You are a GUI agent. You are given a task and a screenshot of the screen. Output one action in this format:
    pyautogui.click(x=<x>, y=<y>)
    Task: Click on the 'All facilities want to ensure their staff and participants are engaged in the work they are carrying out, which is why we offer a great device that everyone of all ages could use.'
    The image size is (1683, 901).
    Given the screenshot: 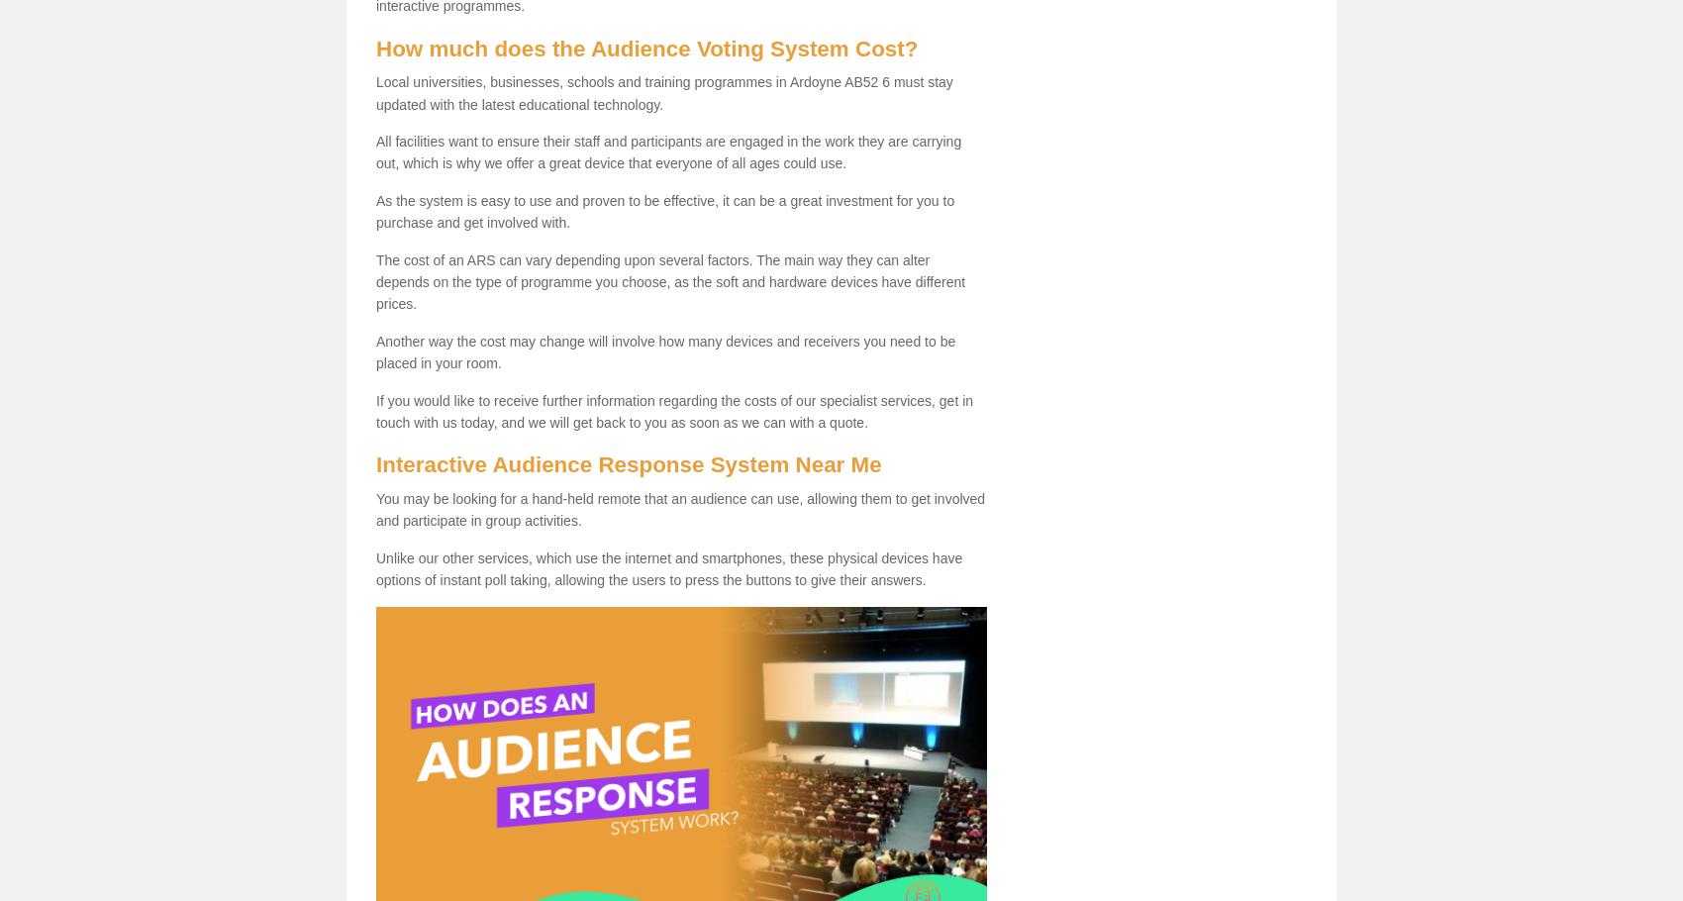 What is the action you would take?
    pyautogui.click(x=374, y=150)
    